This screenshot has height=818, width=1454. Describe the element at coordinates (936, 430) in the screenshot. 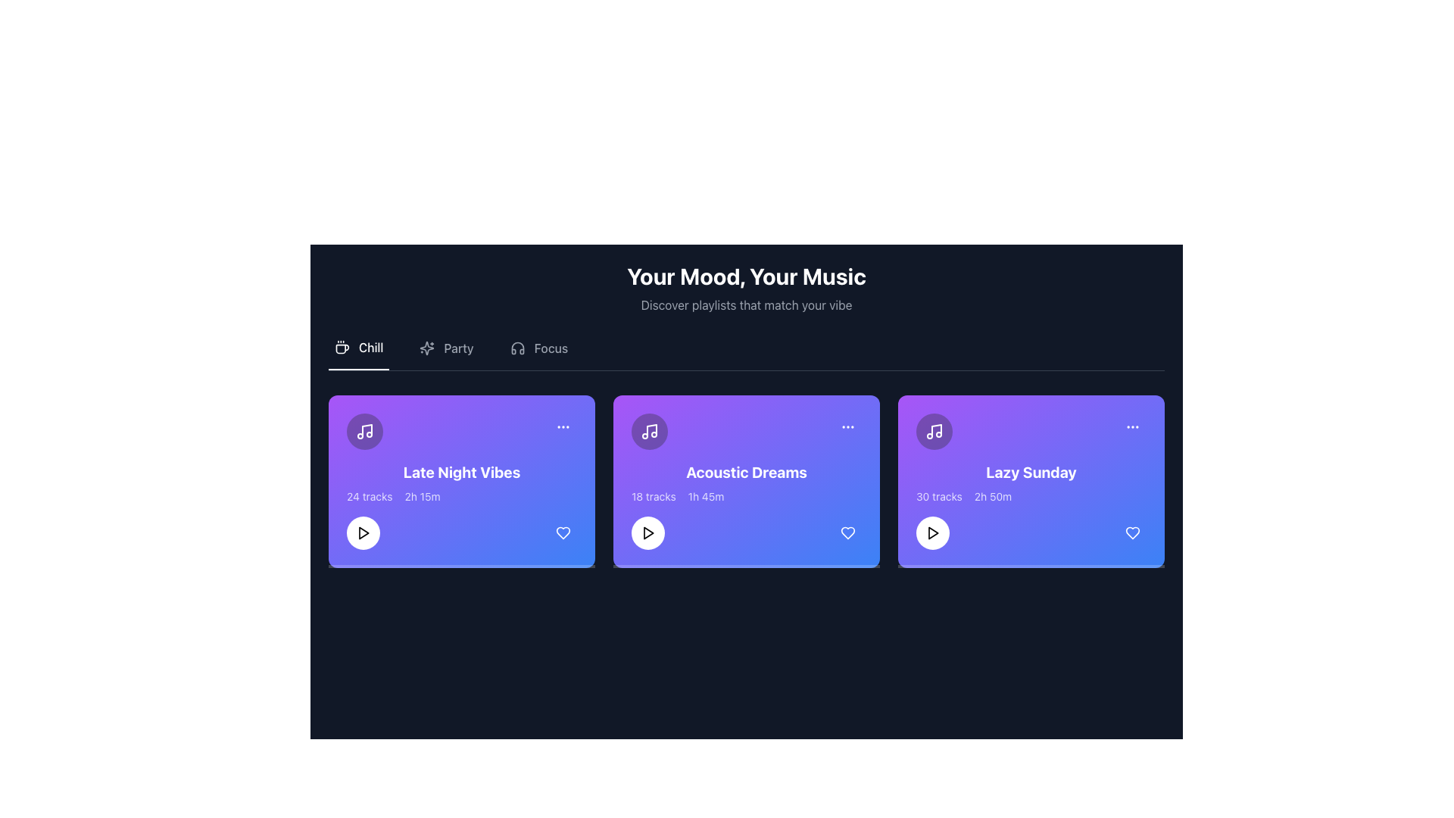

I see `the card containing the music note icon, which is represented by a vertical line in the vector graphic located in the second card of the grid` at that location.